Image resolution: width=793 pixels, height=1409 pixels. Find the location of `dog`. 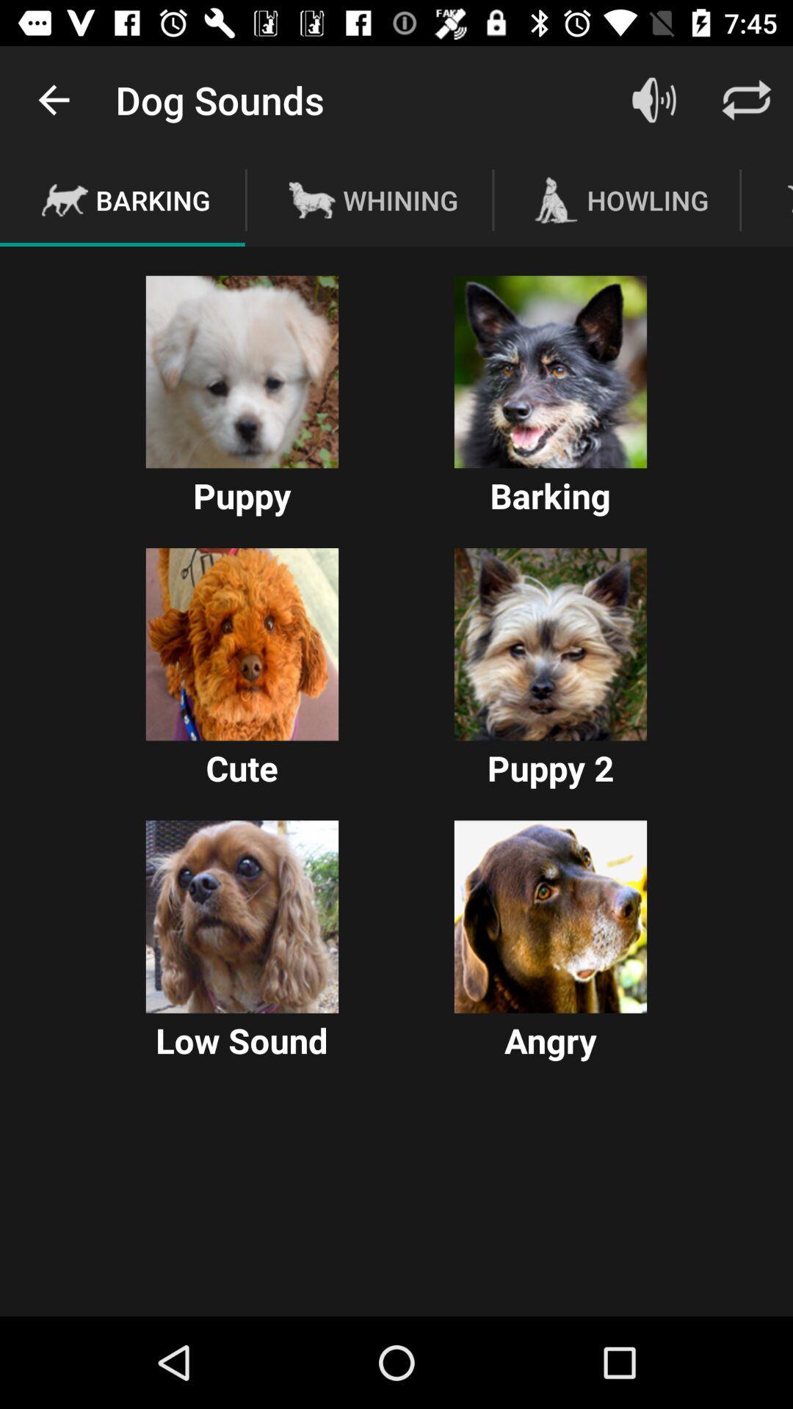

dog is located at coordinates (550, 372).